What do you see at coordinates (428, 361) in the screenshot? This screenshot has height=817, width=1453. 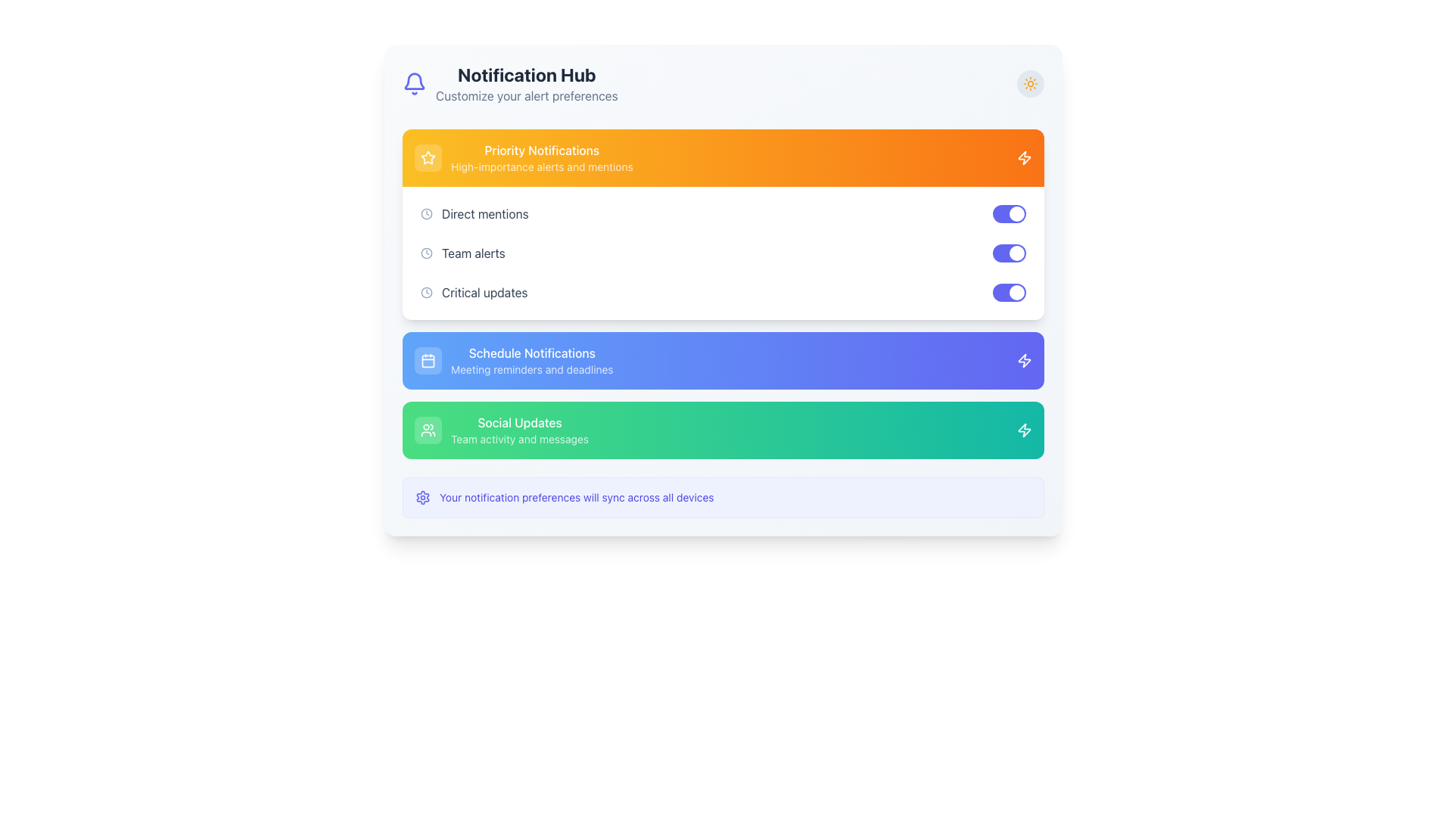 I see `the calendar notification icon positioned on the left within the 'Schedule Notifications' row, which contains the text 'Meeting reminders and deadlines.'` at bounding box center [428, 361].